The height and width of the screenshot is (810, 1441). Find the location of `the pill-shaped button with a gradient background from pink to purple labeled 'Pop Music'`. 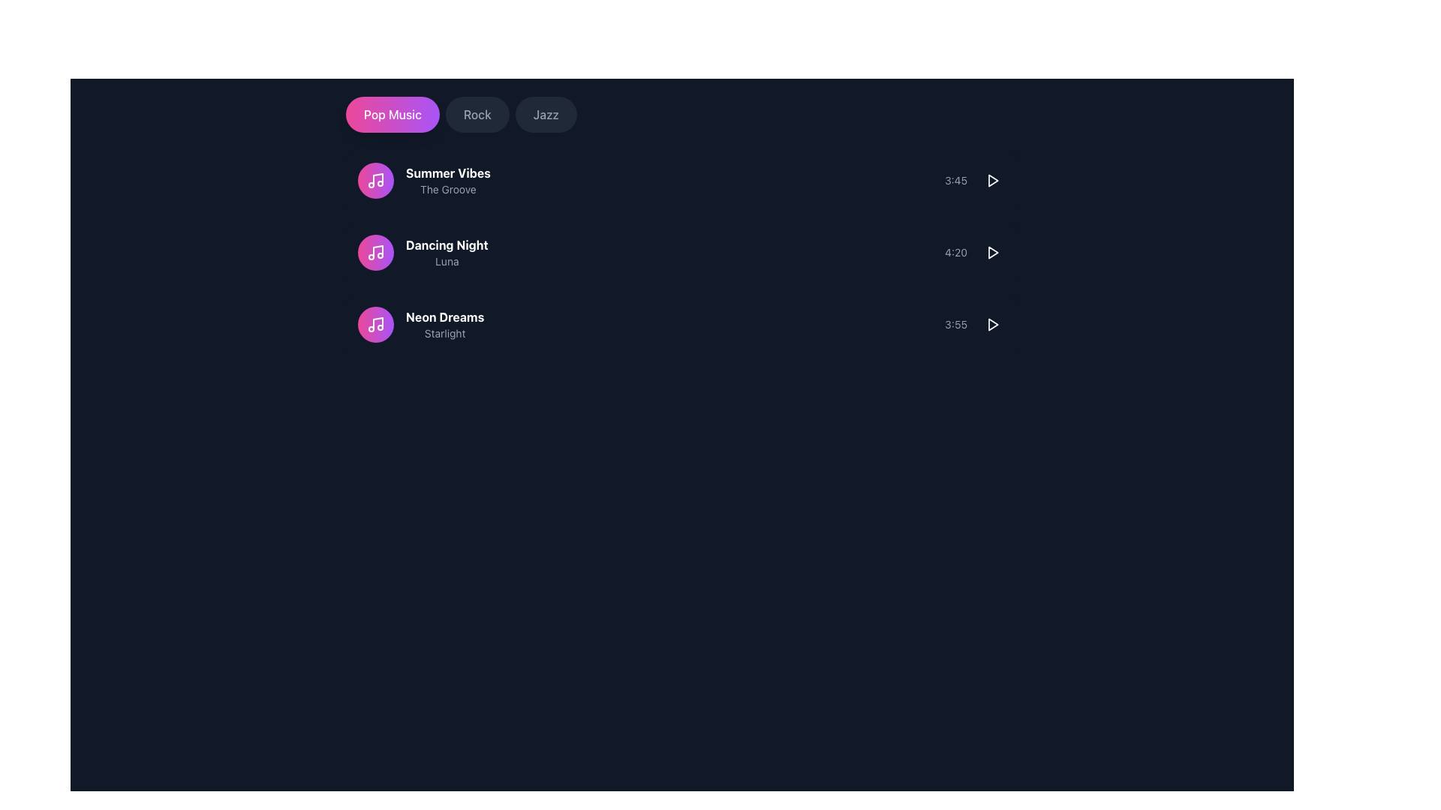

the pill-shaped button with a gradient background from pink to purple labeled 'Pop Music' is located at coordinates (393, 114).